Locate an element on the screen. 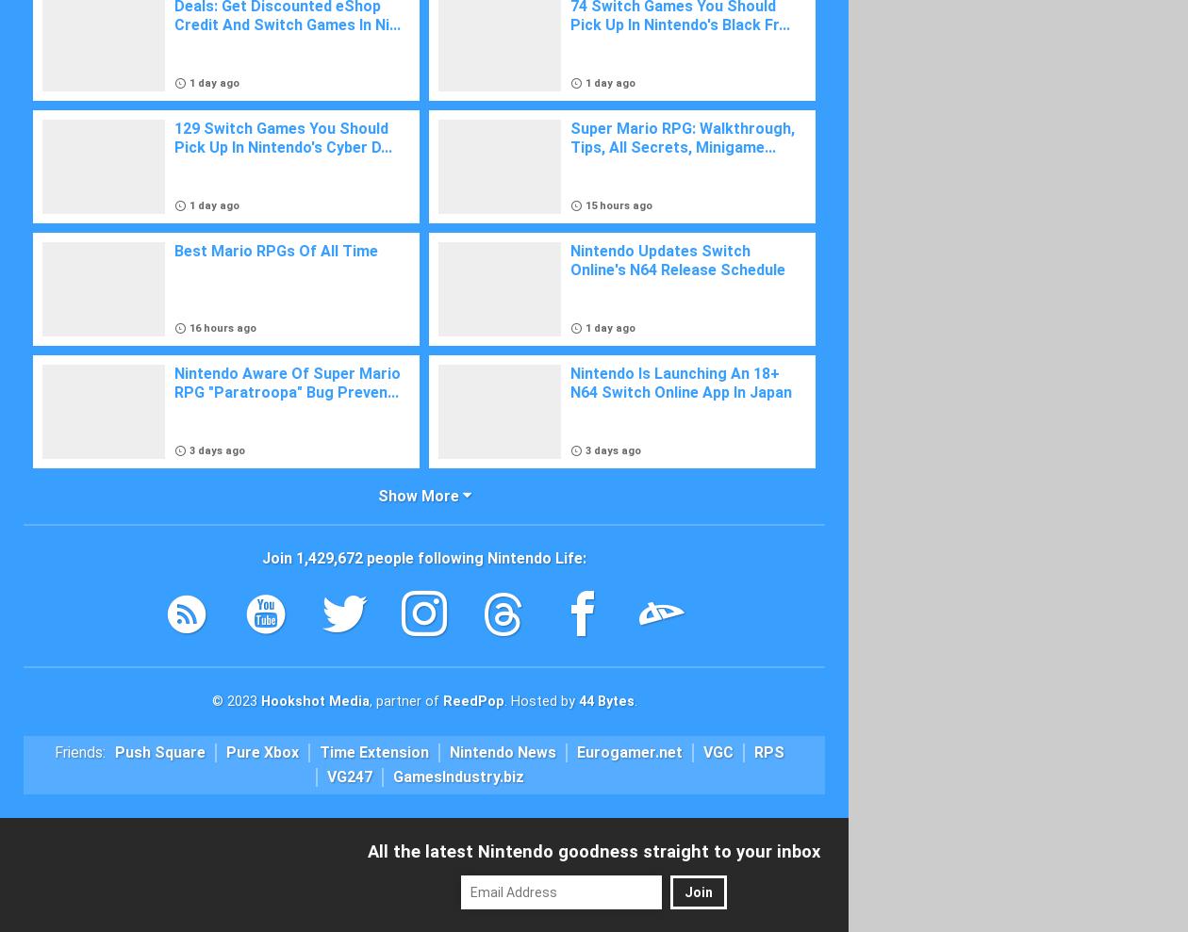 This screenshot has height=932, width=1188. 'GamesIndustry.biz' is located at coordinates (457, 775).